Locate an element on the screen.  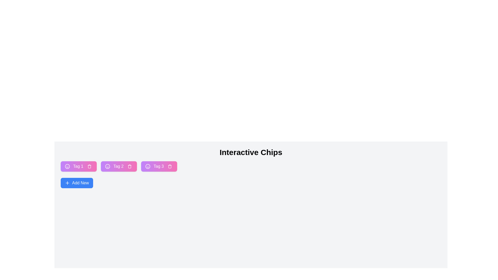
the chip labeled Tag 2 to observe any visual changes is located at coordinates (118, 166).